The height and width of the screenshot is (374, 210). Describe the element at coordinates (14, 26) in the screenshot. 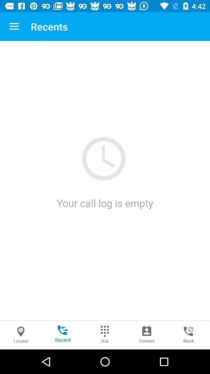

I see `item next to the recents item` at that location.